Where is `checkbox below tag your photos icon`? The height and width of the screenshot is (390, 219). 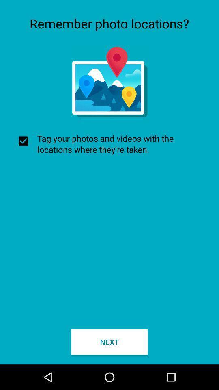
checkbox below tag your photos icon is located at coordinates (109, 341).